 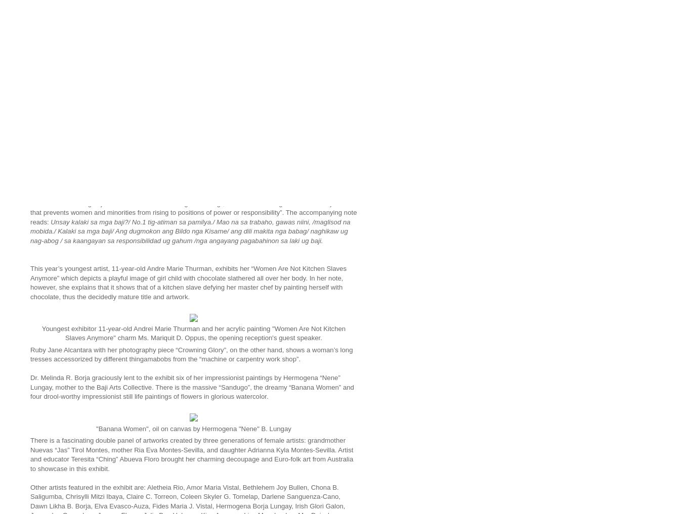 I want to click on 'Ruby Jane Alcantara with her photography piece “Crowning Glory”, on the other hand, shows a woman’s long tresses accessorized by different thingamabobs from the “machine or carpentry work shop”.', so click(x=191, y=354).